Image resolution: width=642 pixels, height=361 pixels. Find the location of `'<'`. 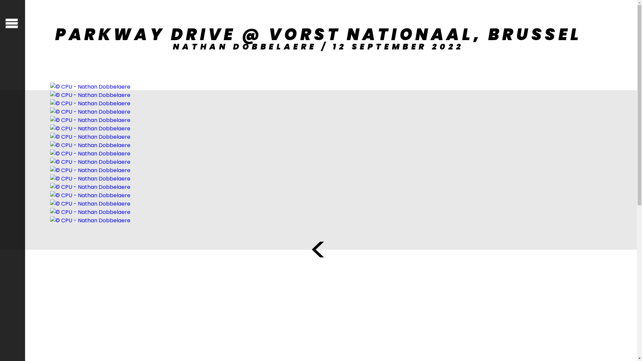

'<' is located at coordinates (318, 250).